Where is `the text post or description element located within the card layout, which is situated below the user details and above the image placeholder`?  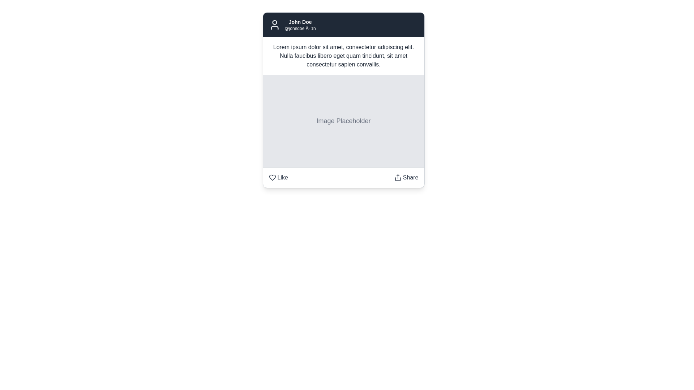
the text post or description element located within the card layout, which is situated below the user details and above the image placeholder is located at coordinates (343, 55).